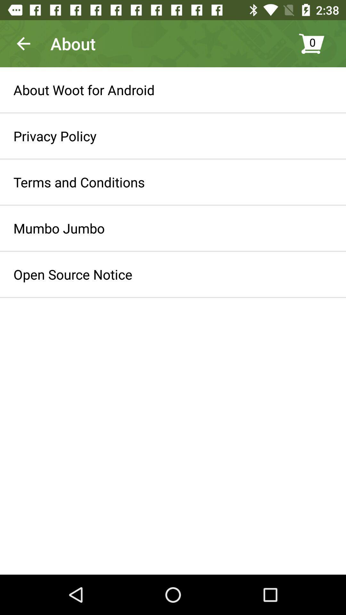 This screenshot has height=615, width=346. What do you see at coordinates (54, 135) in the screenshot?
I see `the icon above terms and conditions icon` at bounding box center [54, 135].